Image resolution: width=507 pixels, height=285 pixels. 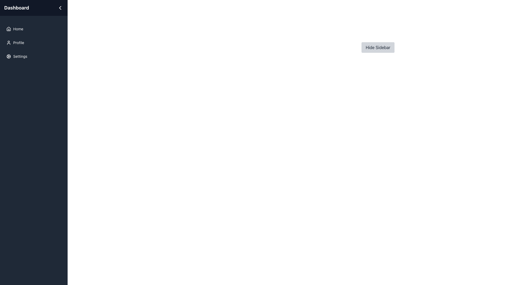 I want to click on the 'Profile' button in the vertical navigation menu, so click(x=34, y=42).